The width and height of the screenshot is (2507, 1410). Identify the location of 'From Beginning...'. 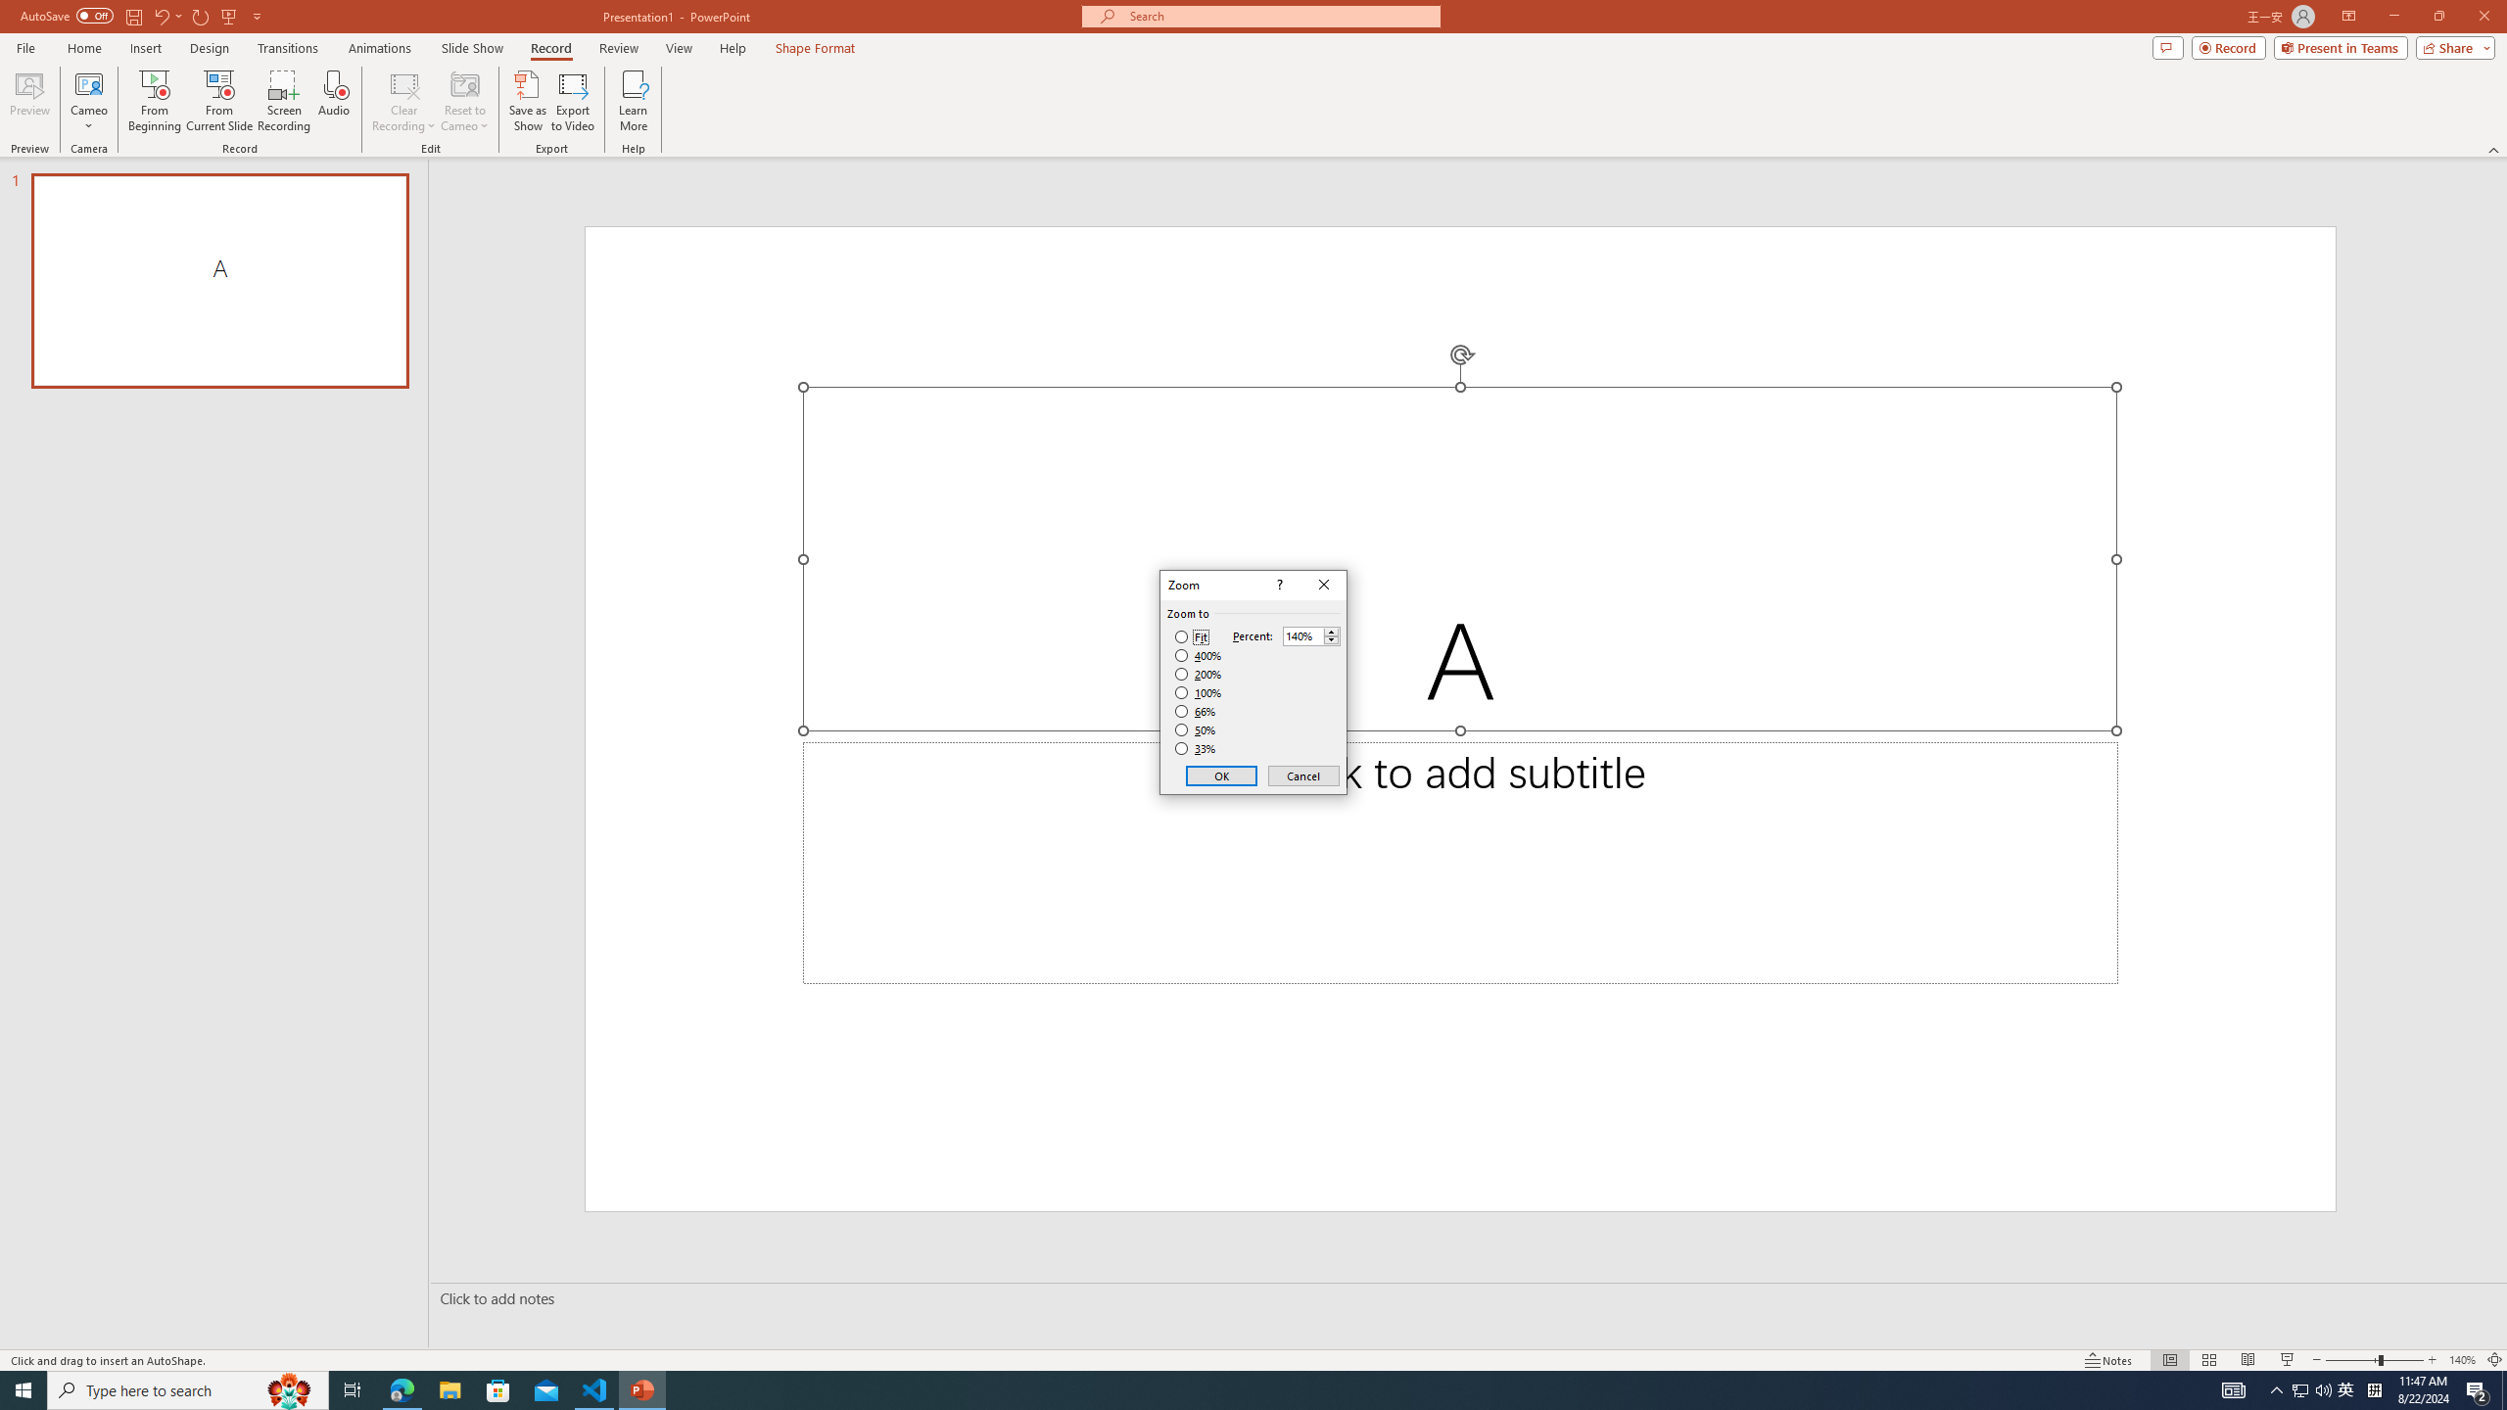
(153, 101).